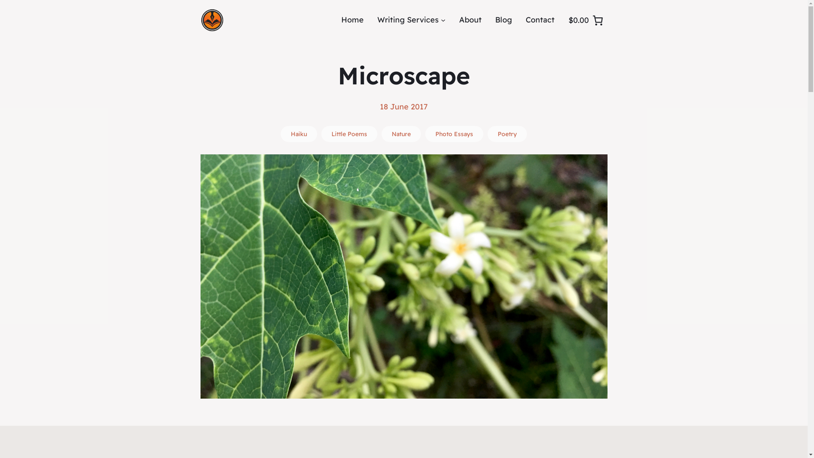 This screenshot has width=814, height=458. What do you see at coordinates (458, 20) in the screenshot?
I see `'About'` at bounding box center [458, 20].